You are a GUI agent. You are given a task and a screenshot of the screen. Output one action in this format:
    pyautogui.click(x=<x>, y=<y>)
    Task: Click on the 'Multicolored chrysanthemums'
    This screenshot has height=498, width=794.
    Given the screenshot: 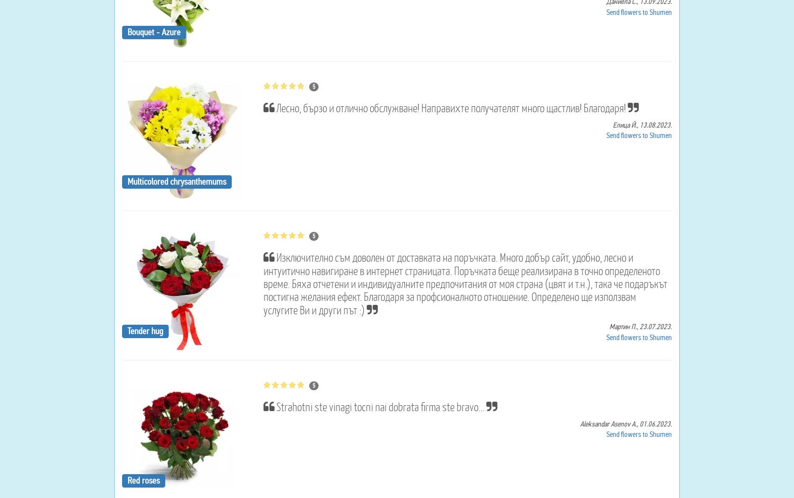 What is the action you would take?
    pyautogui.click(x=176, y=180)
    